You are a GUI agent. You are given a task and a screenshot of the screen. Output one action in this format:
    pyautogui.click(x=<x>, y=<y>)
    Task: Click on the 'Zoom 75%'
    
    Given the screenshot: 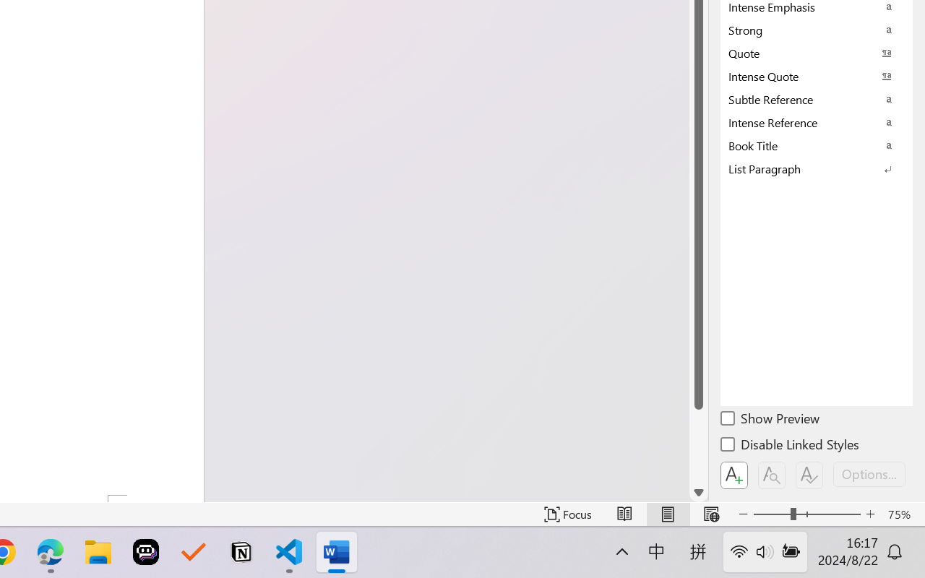 What is the action you would take?
    pyautogui.click(x=902, y=514)
    